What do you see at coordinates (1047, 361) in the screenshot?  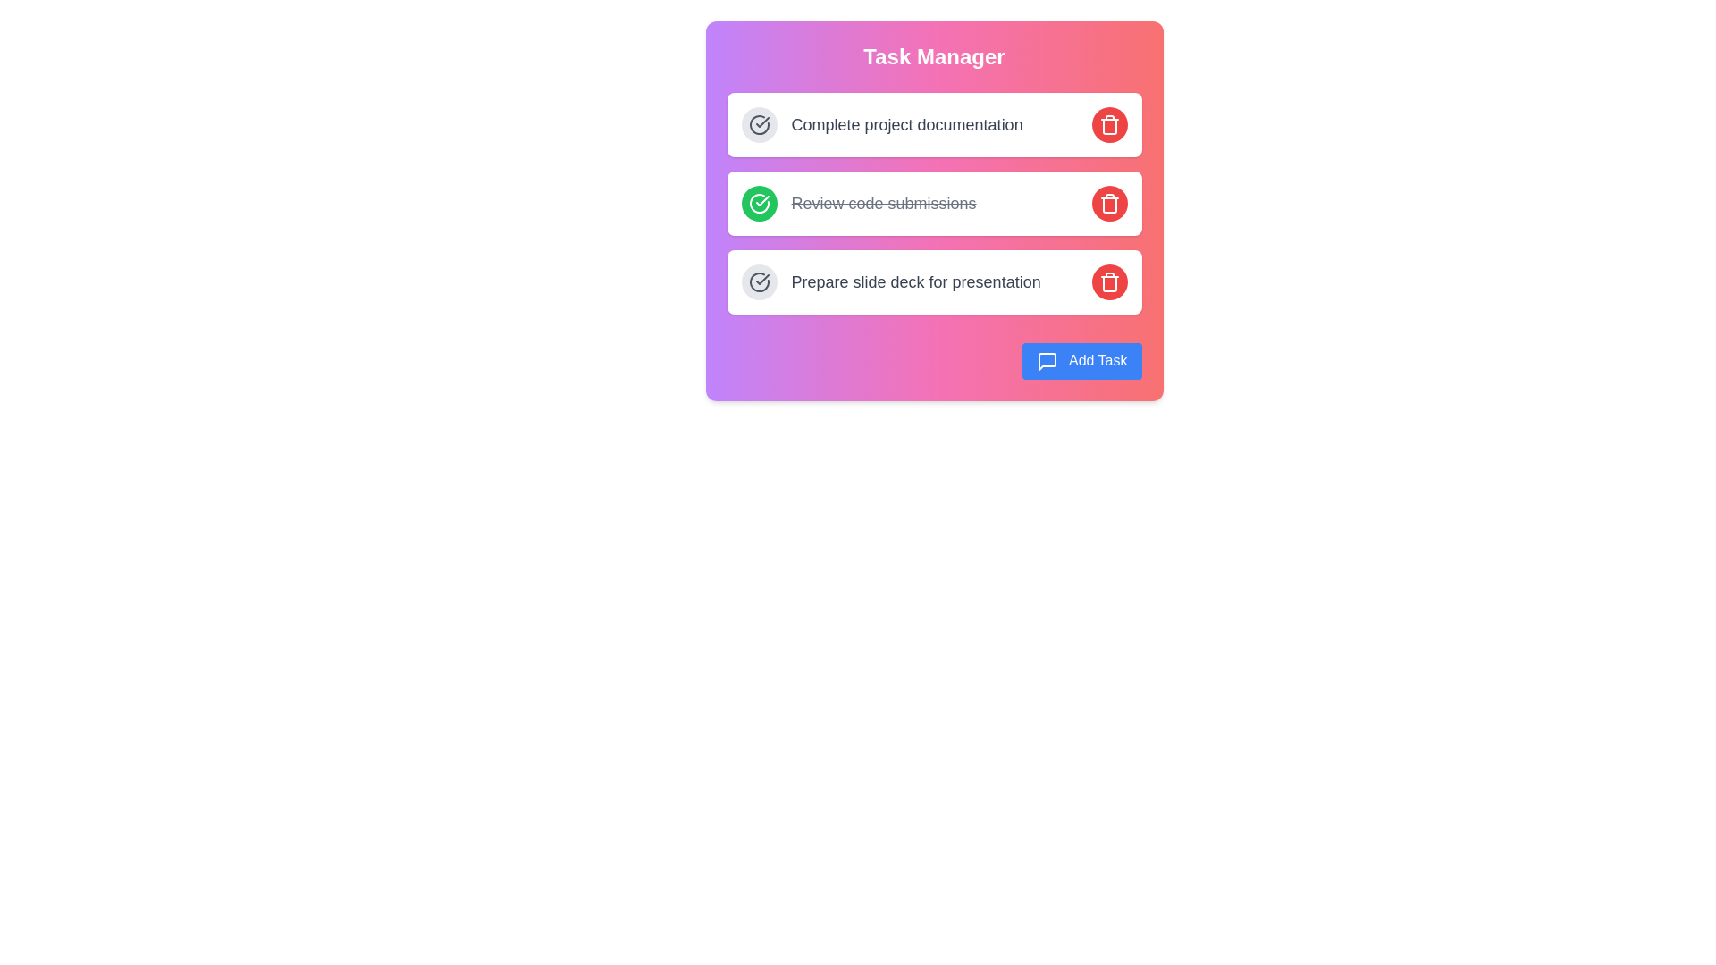 I see `the speech bubble icon located within the 'Add Task' button, positioned on the lower-right corner, to enhance the context of messaging or task addition` at bounding box center [1047, 361].